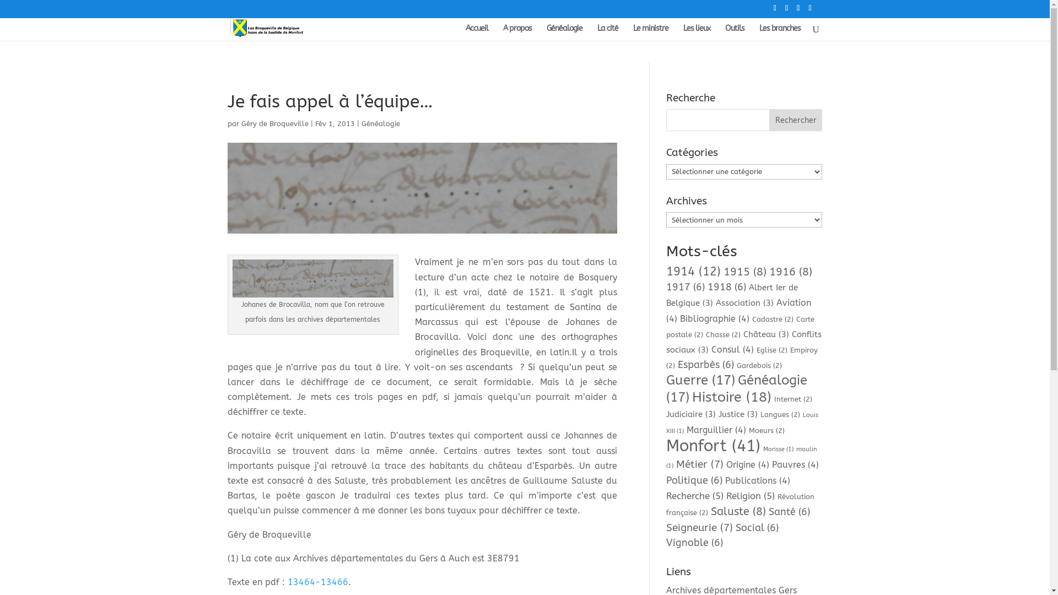 This screenshot has height=595, width=1058. I want to click on 'Justice (3)', so click(738, 414).